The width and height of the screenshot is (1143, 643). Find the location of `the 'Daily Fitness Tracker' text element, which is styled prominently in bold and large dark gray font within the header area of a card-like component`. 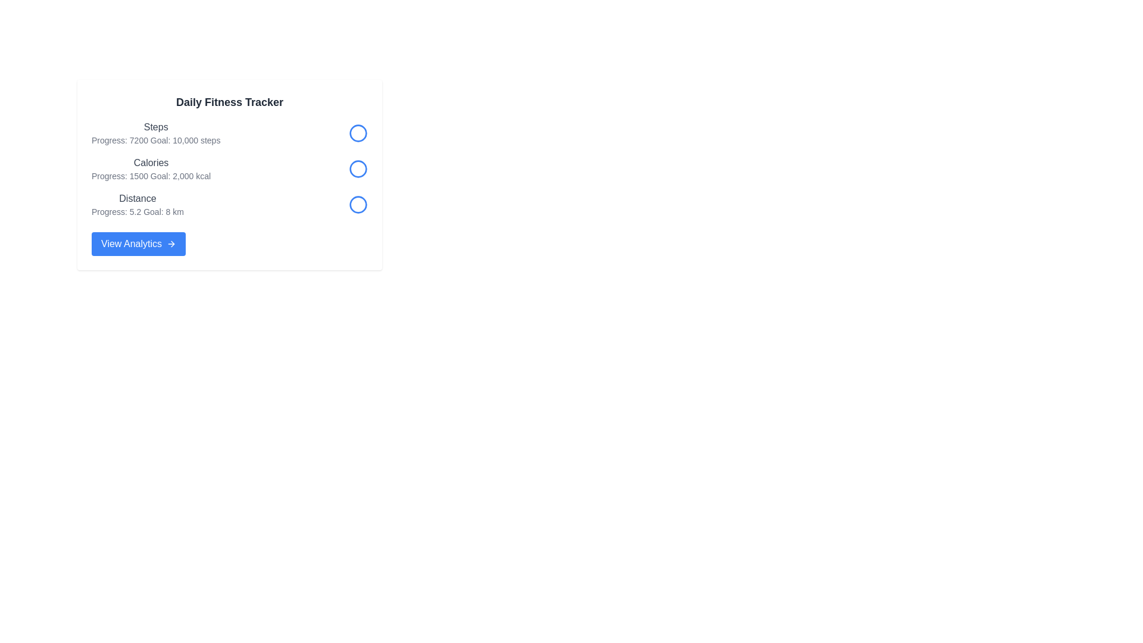

the 'Daily Fitness Tracker' text element, which is styled prominently in bold and large dark gray font within the header area of a card-like component is located at coordinates (229, 102).